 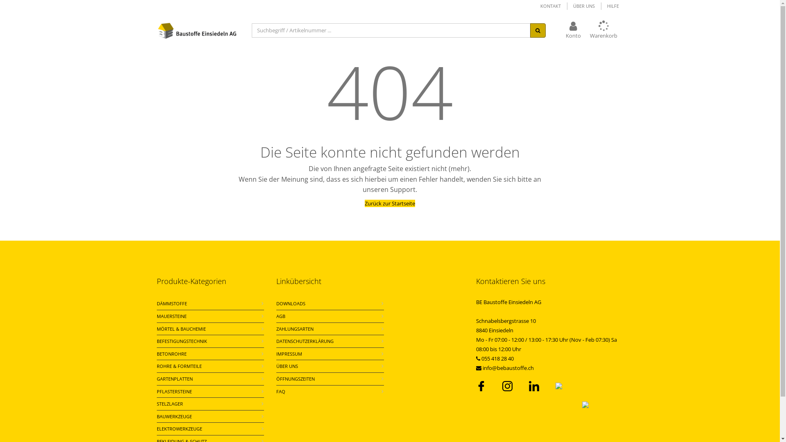 What do you see at coordinates (507, 367) in the screenshot?
I see `'info@bebaustoffe.ch'` at bounding box center [507, 367].